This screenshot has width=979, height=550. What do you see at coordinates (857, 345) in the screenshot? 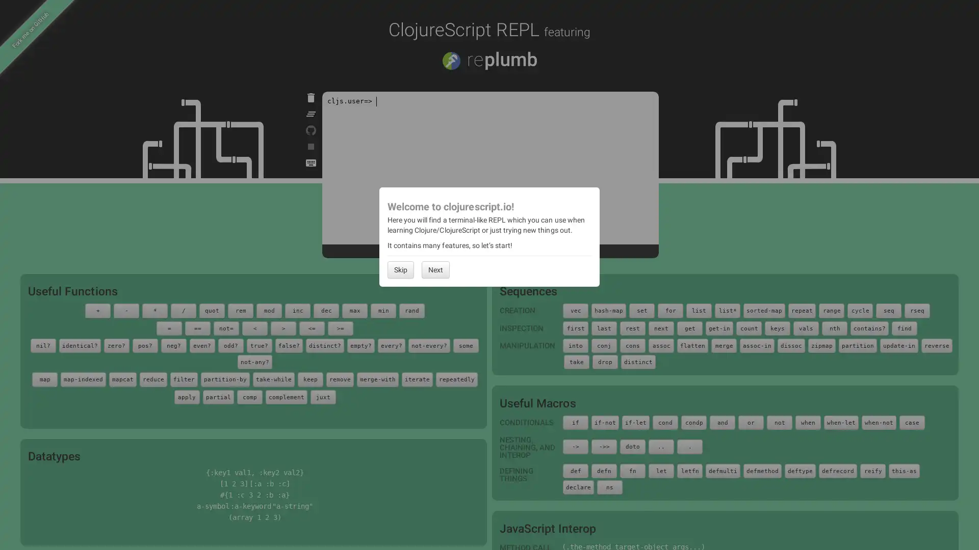
I see `partition` at bounding box center [857, 345].